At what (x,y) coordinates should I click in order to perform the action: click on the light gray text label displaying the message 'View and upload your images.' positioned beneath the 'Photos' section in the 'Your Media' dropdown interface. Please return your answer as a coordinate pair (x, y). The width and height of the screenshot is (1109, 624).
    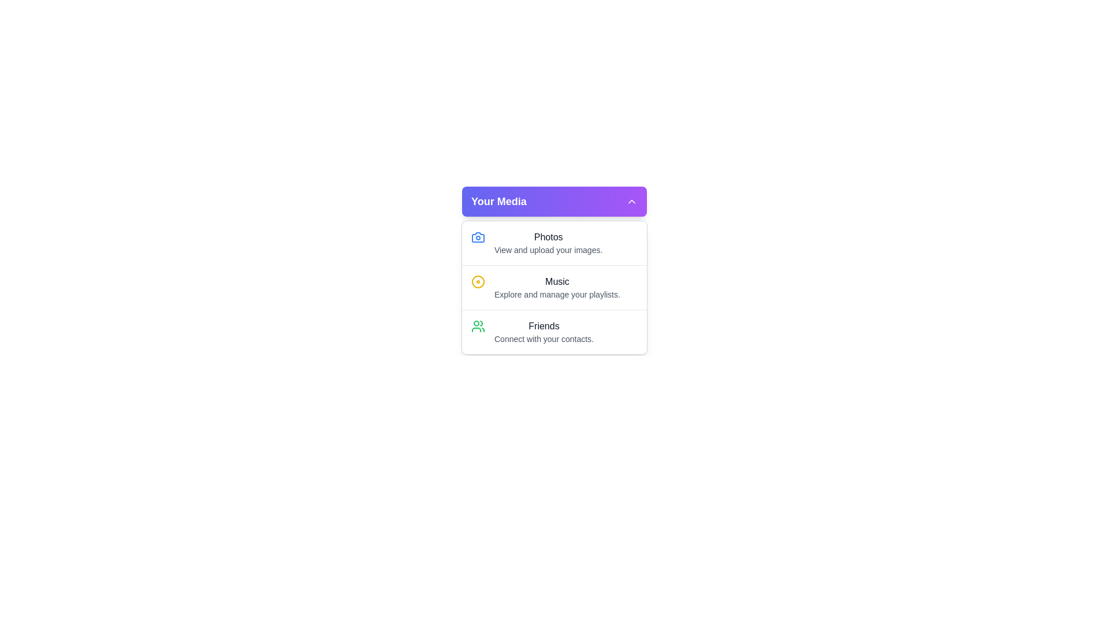
    Looking at the image, I should click on (548, 249).